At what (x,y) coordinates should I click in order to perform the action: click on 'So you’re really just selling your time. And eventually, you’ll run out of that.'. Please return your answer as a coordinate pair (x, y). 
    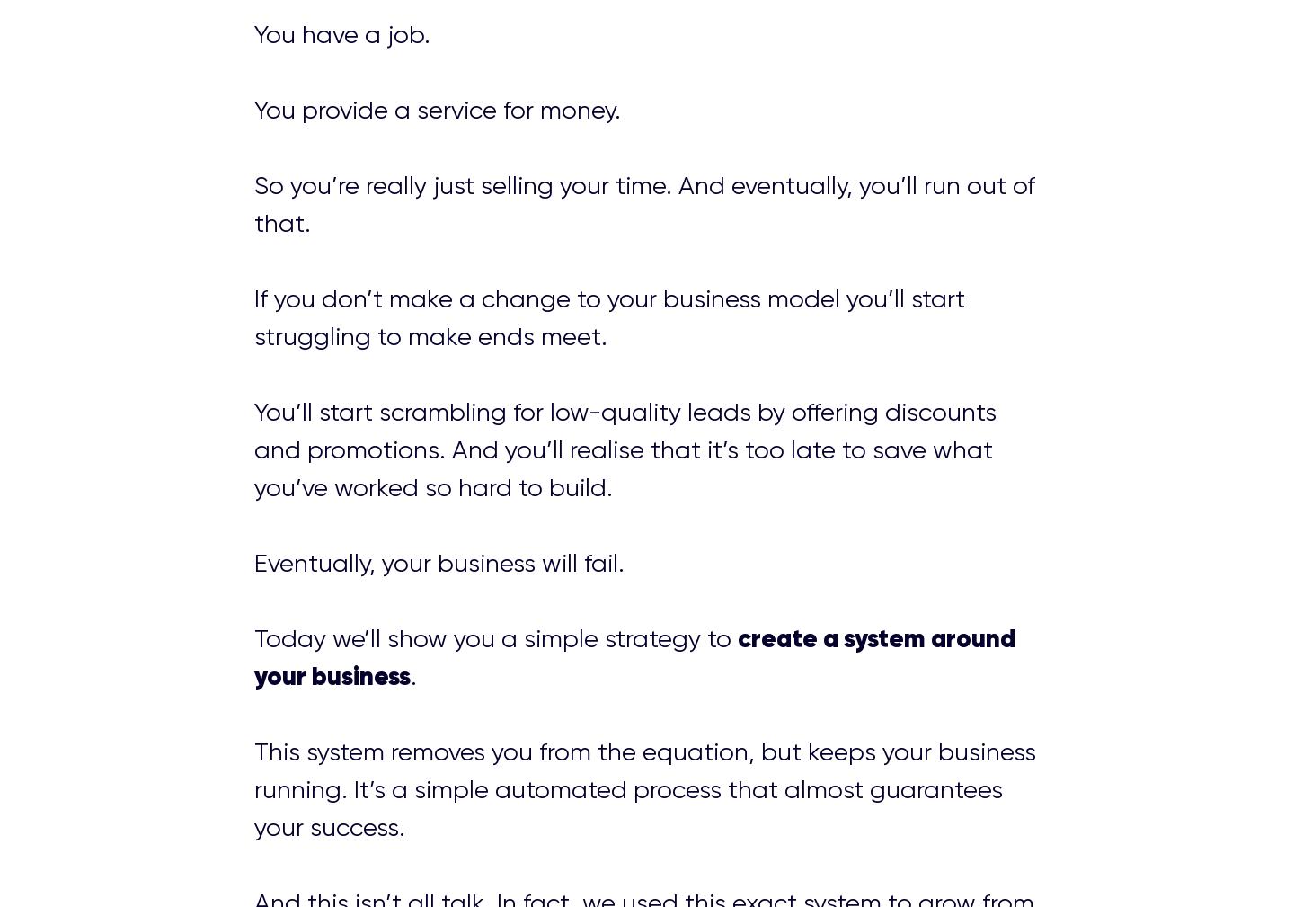
    Looking at the image, I should click on (643, 203).